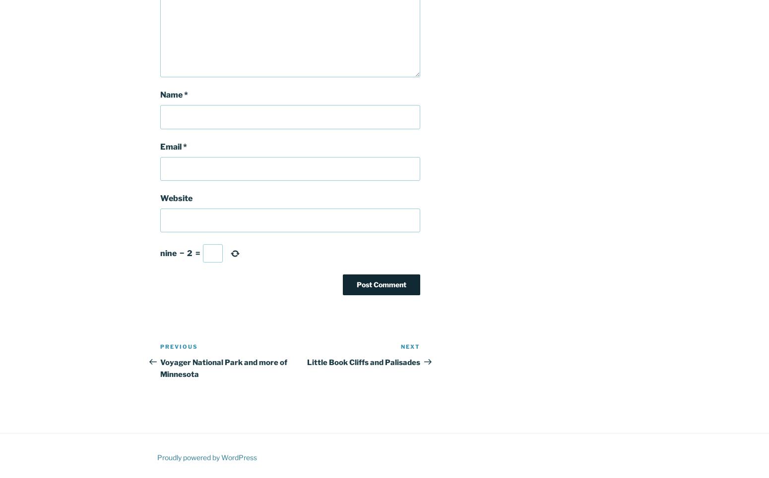  What do you see at coordinates (197, 253) in the screenshot?
I see `'='` at bounding box center [197, 253].